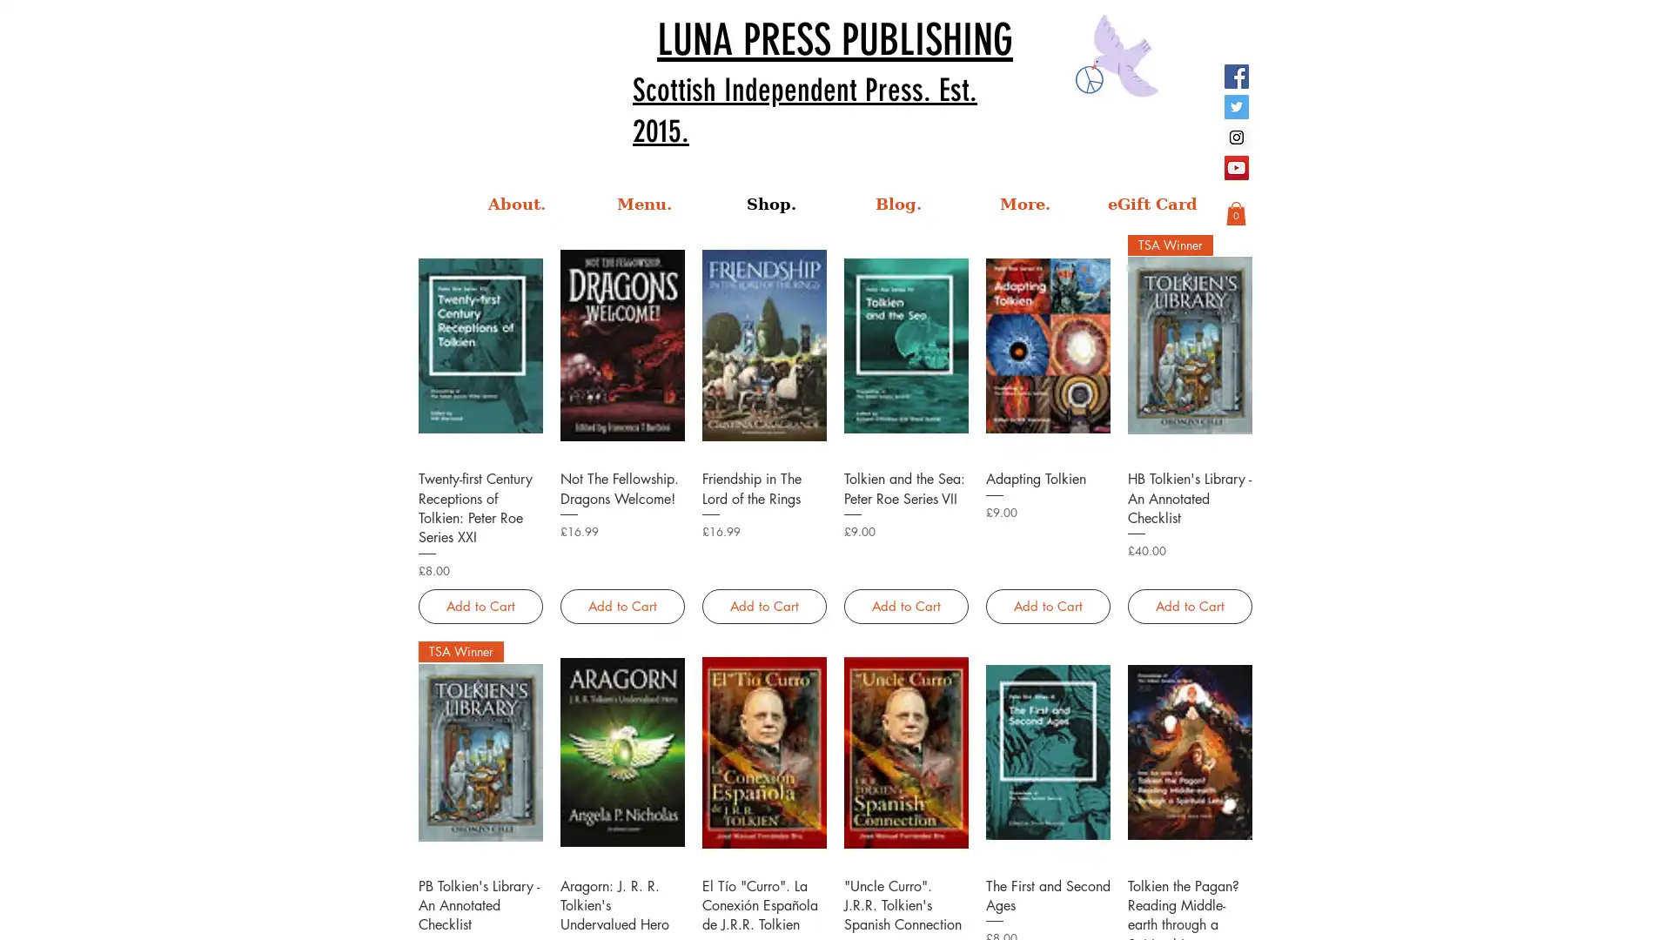 The height and width of the screenshot is (940, 1671). What do you see at coordinates (1046, 883) in the screenshot?
I see `Quick View` at bounding box center [1046, 883].